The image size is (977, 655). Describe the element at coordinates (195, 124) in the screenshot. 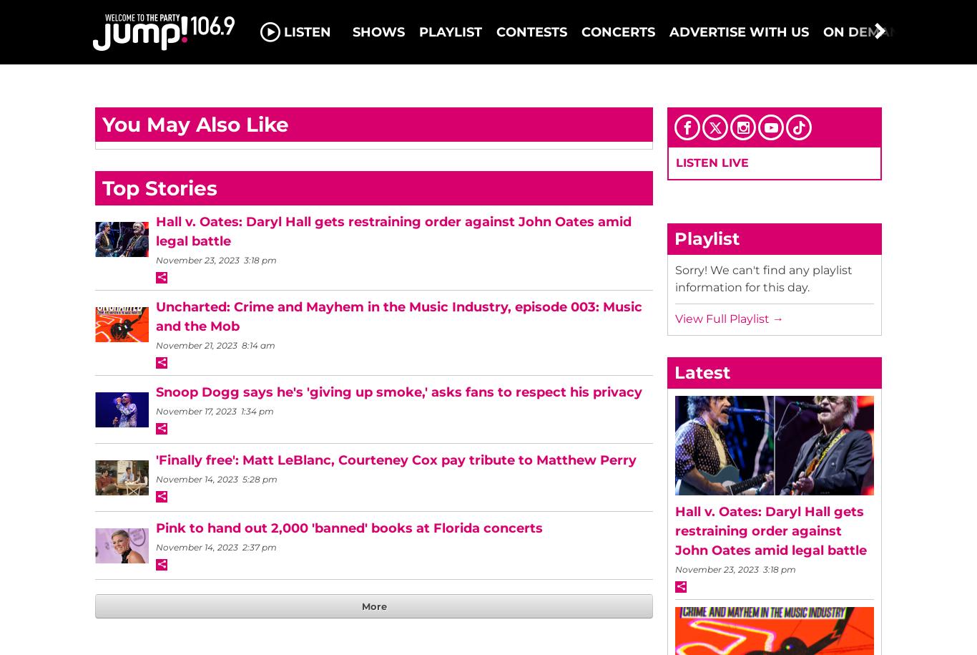

I see `'You May Also Like'` at that location.